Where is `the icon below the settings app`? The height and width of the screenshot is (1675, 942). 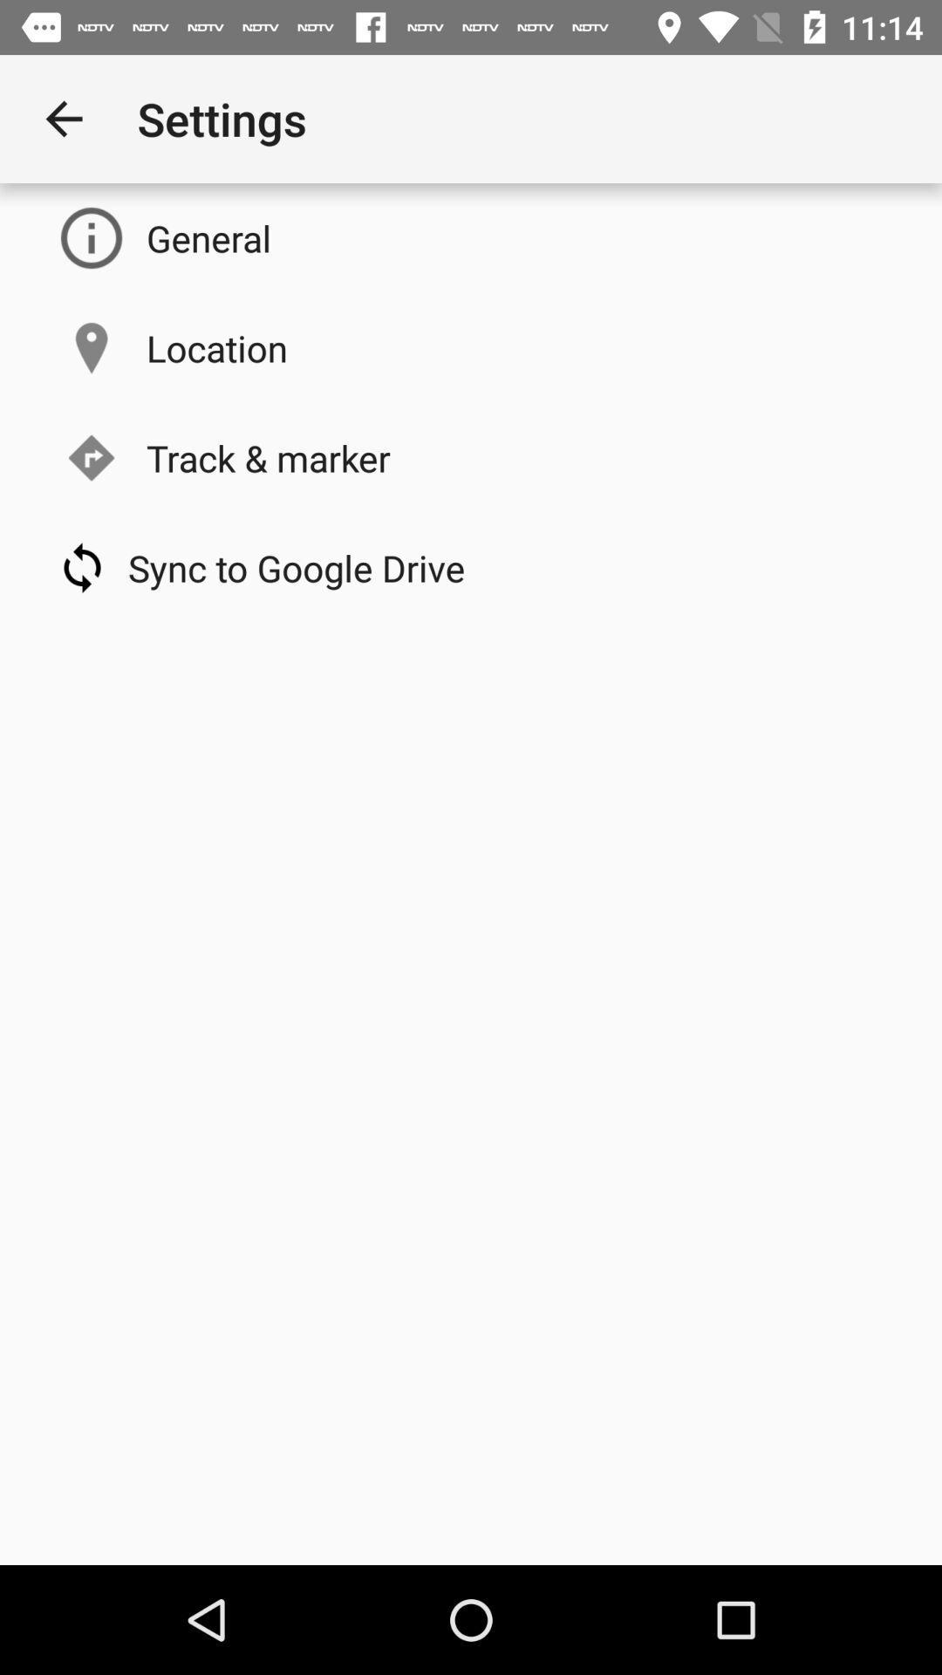
the icon below the settings app is located at coordinates (208, 237).